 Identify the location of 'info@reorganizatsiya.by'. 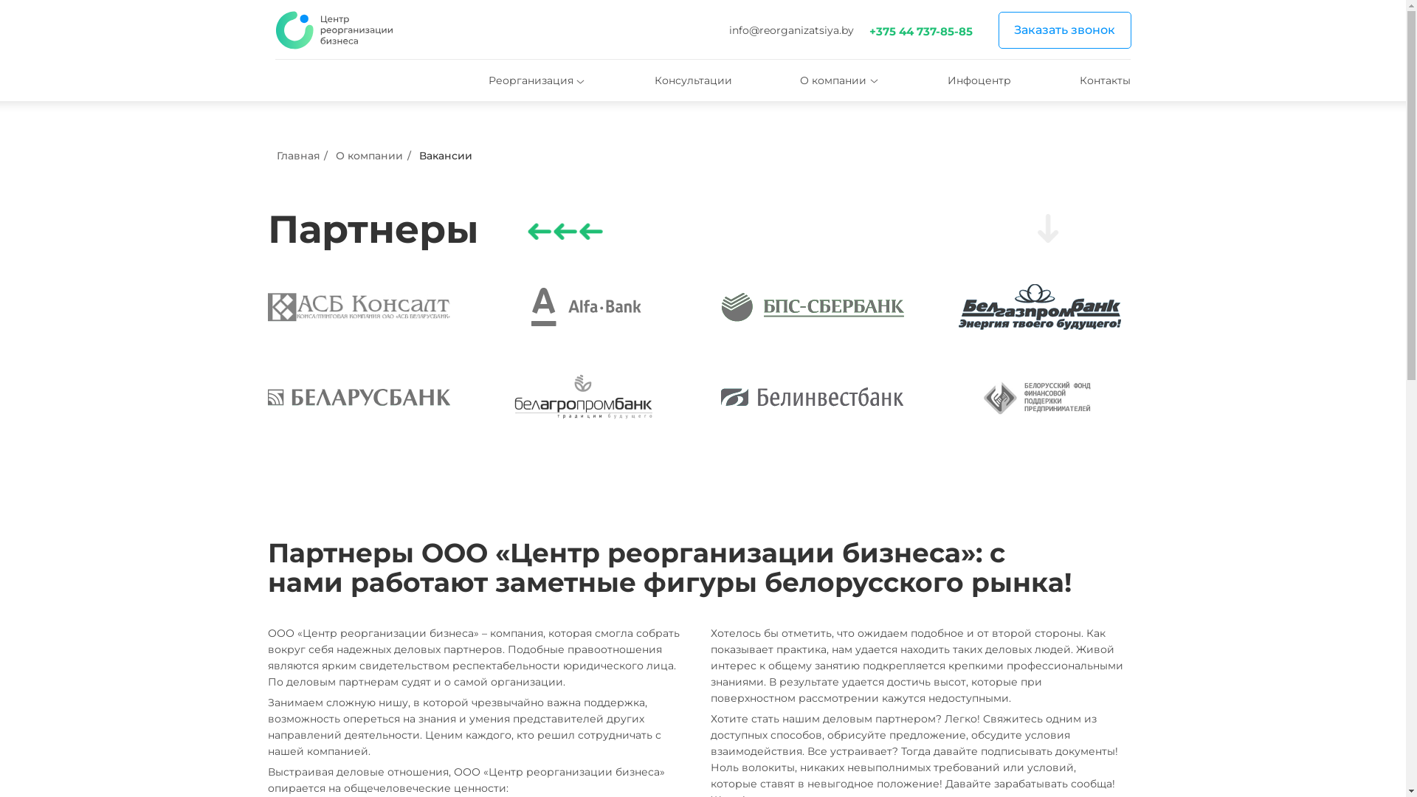
(790, 30).